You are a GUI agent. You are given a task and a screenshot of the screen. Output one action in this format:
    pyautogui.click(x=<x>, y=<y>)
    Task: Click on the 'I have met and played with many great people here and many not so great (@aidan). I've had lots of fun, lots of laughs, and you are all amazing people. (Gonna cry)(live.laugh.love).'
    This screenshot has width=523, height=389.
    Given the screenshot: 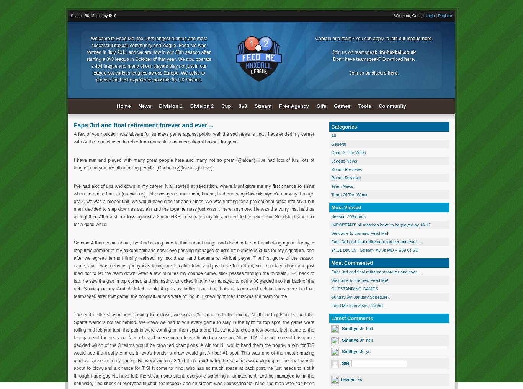 What is the action you would take?
    pyautogui.click(x=193, y=164)
    